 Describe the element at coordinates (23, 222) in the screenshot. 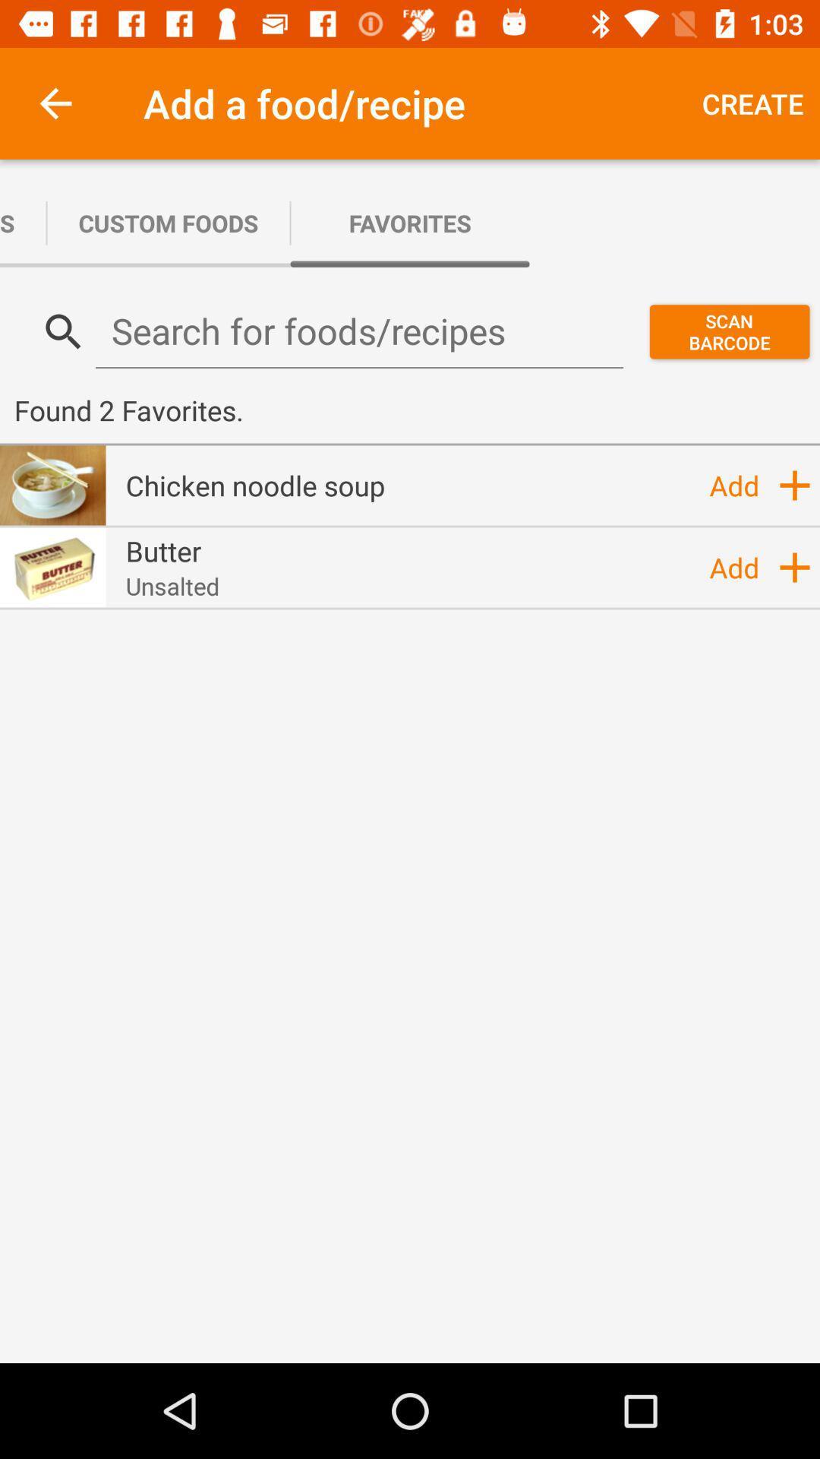

I see `the icon next to custom foods app` at that location.